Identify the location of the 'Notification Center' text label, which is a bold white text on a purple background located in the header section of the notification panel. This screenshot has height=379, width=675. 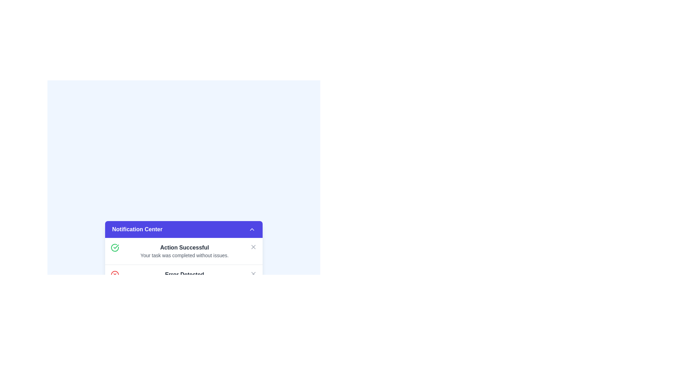
(137, 230).